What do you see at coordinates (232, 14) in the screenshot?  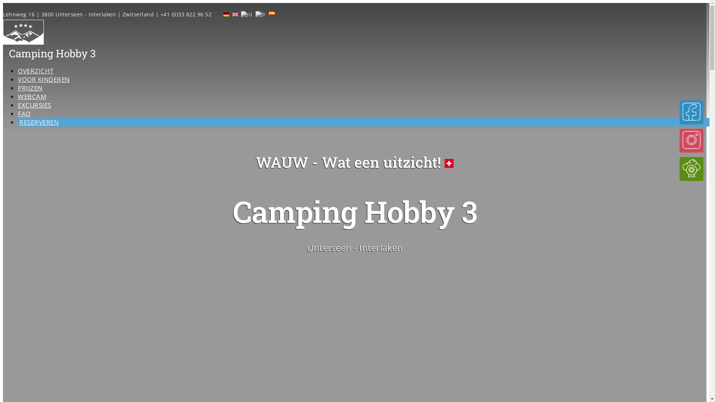 I see `'English'` at bounding box center [232, 14].